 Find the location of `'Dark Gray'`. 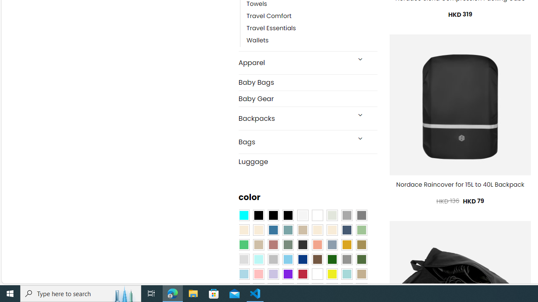

'Dark Gray' is located at coordinates (346, 215).